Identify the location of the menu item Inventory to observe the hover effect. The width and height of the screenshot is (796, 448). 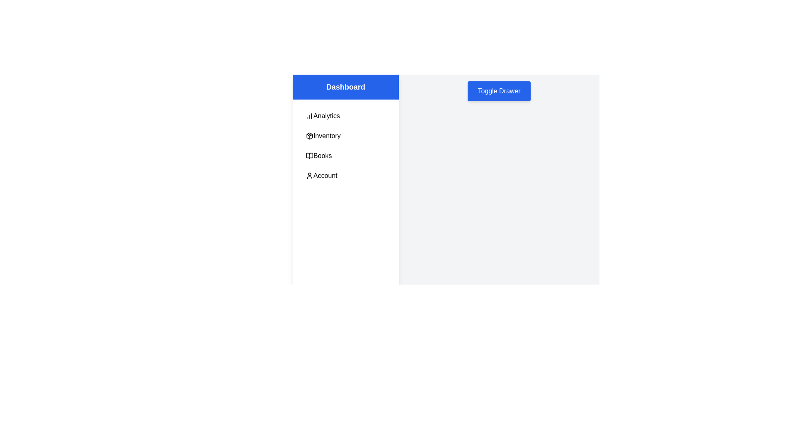
(346, 135).